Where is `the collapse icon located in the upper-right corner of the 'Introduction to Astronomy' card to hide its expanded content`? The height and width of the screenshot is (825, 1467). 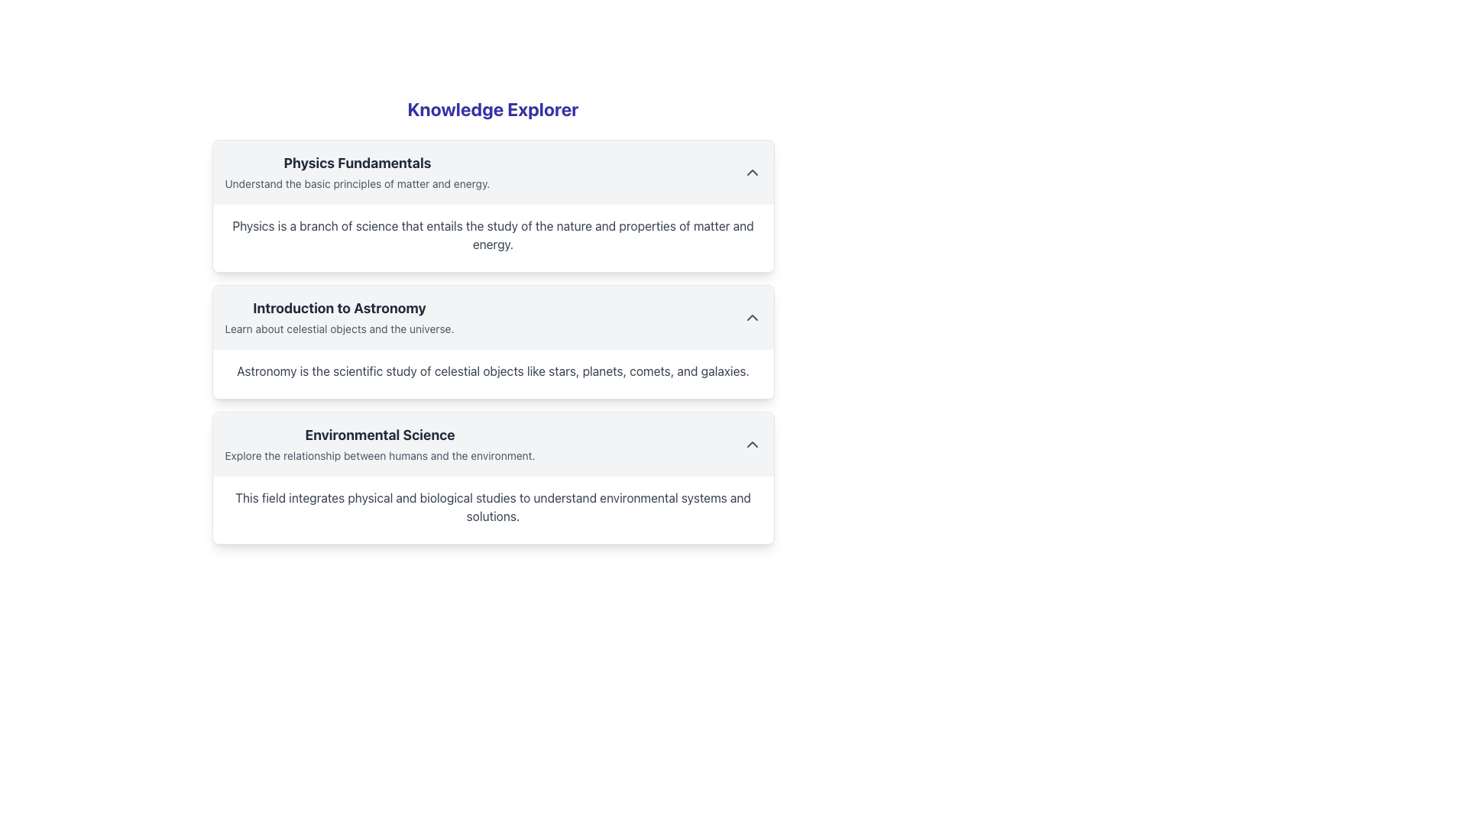
the collapse icon located in the upper-right corner of the 'Introduction to Astronomy' card to hide its expanded content is located at coordinates (752, 317).